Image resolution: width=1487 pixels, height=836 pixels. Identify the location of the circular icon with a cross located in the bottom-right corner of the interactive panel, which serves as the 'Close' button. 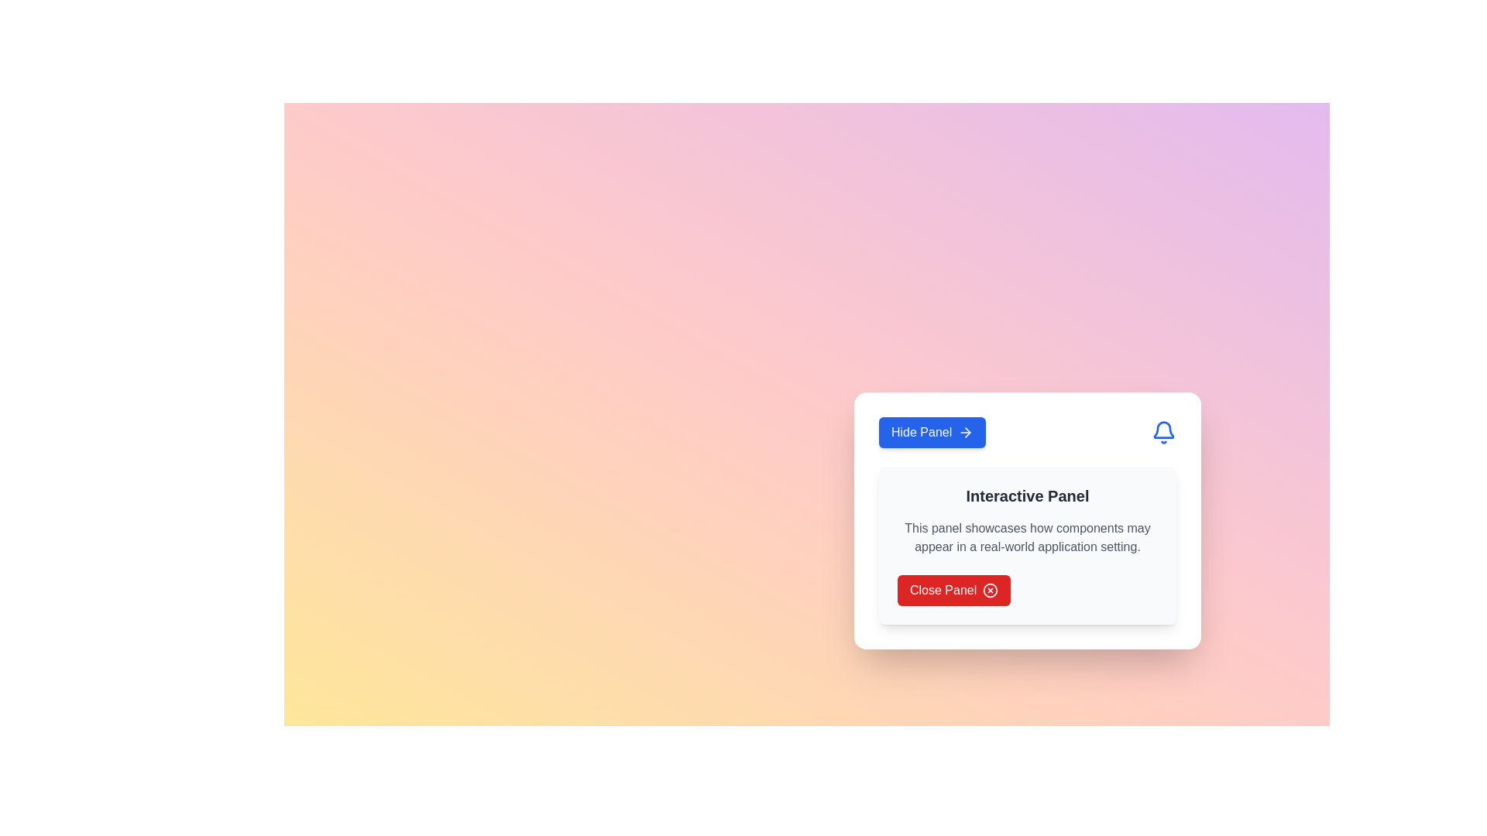
(990, 591).